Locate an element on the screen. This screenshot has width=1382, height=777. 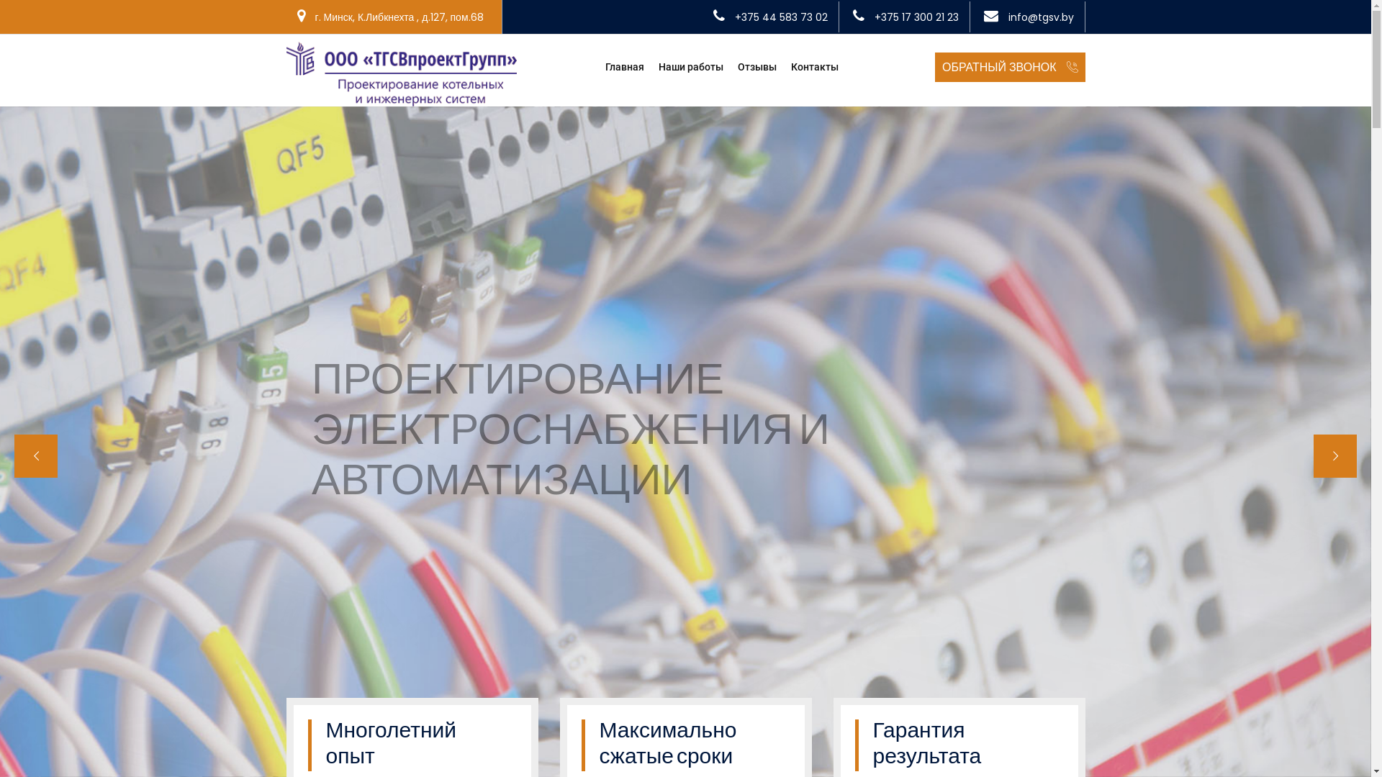
'+375 44 583 73 02' is located at coordinates (780, 17).